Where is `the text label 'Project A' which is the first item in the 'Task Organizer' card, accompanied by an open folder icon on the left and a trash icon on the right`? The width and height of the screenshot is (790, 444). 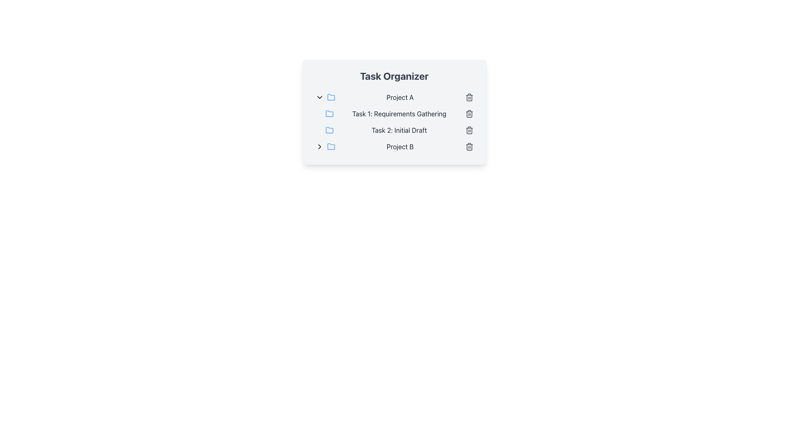 the text label 'Project A' which is the first item in the 'Task Organizer' card, accompanied by an open folder icon on the left and a trash icon on the right is located at coordinates (400, 97).